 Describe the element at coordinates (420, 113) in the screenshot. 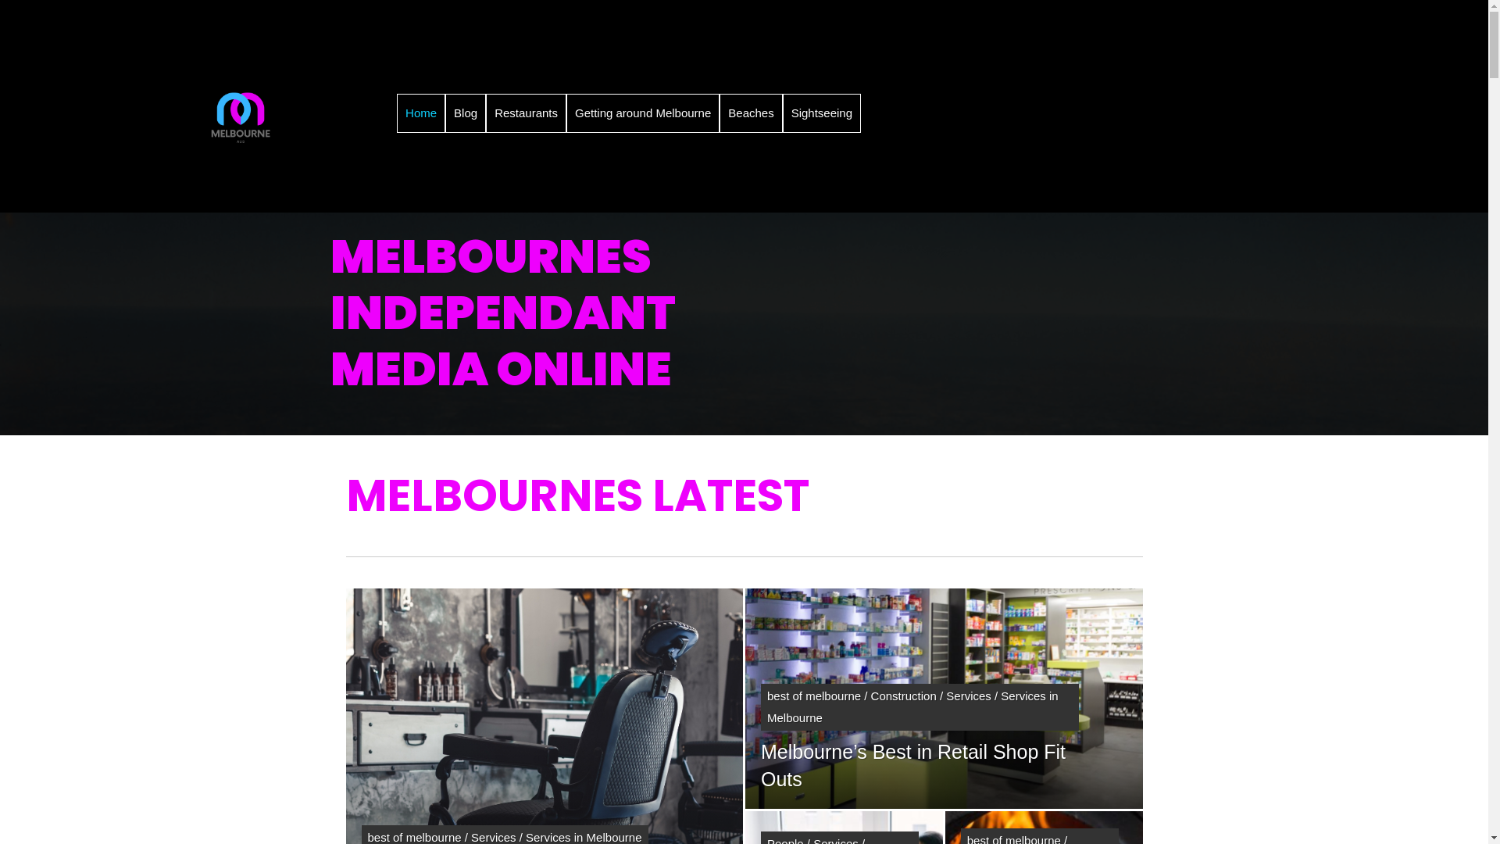

I see `'Home'` at that location.